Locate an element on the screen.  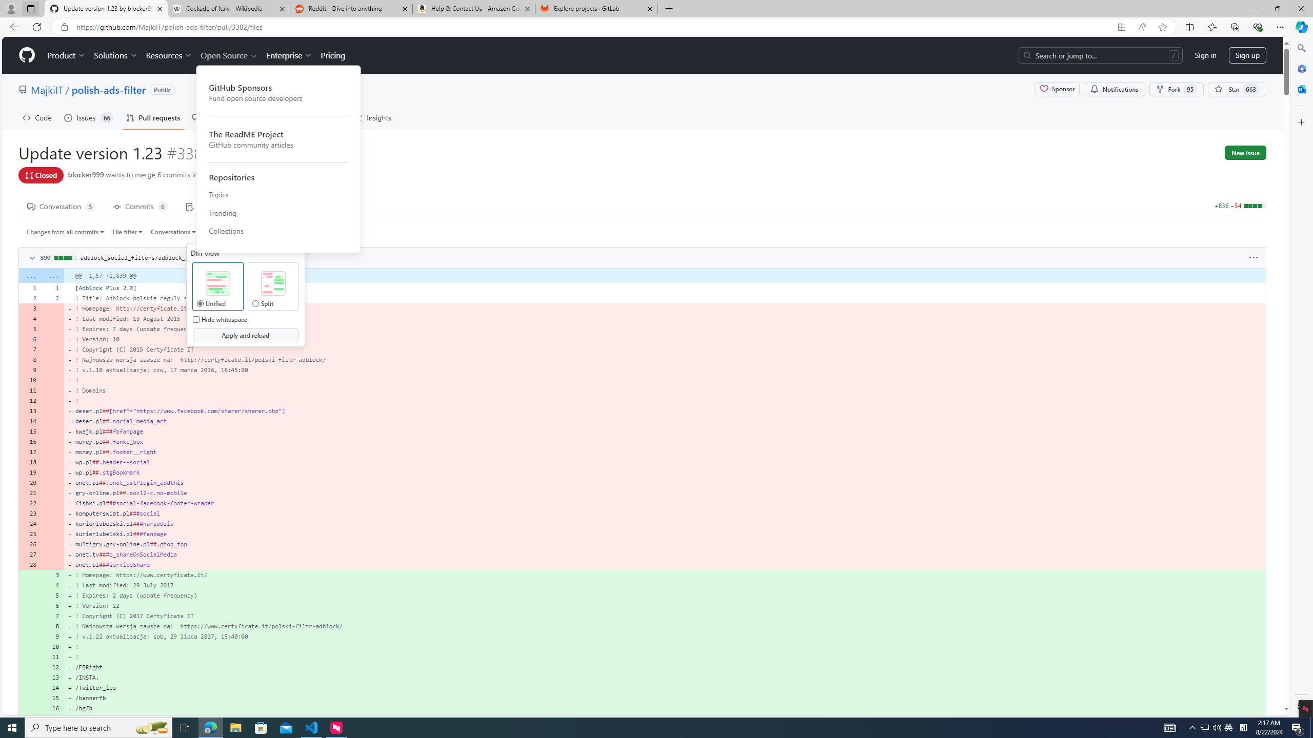
'The ReadME Project GitHub community articles' is located at coordinates (278, 139).